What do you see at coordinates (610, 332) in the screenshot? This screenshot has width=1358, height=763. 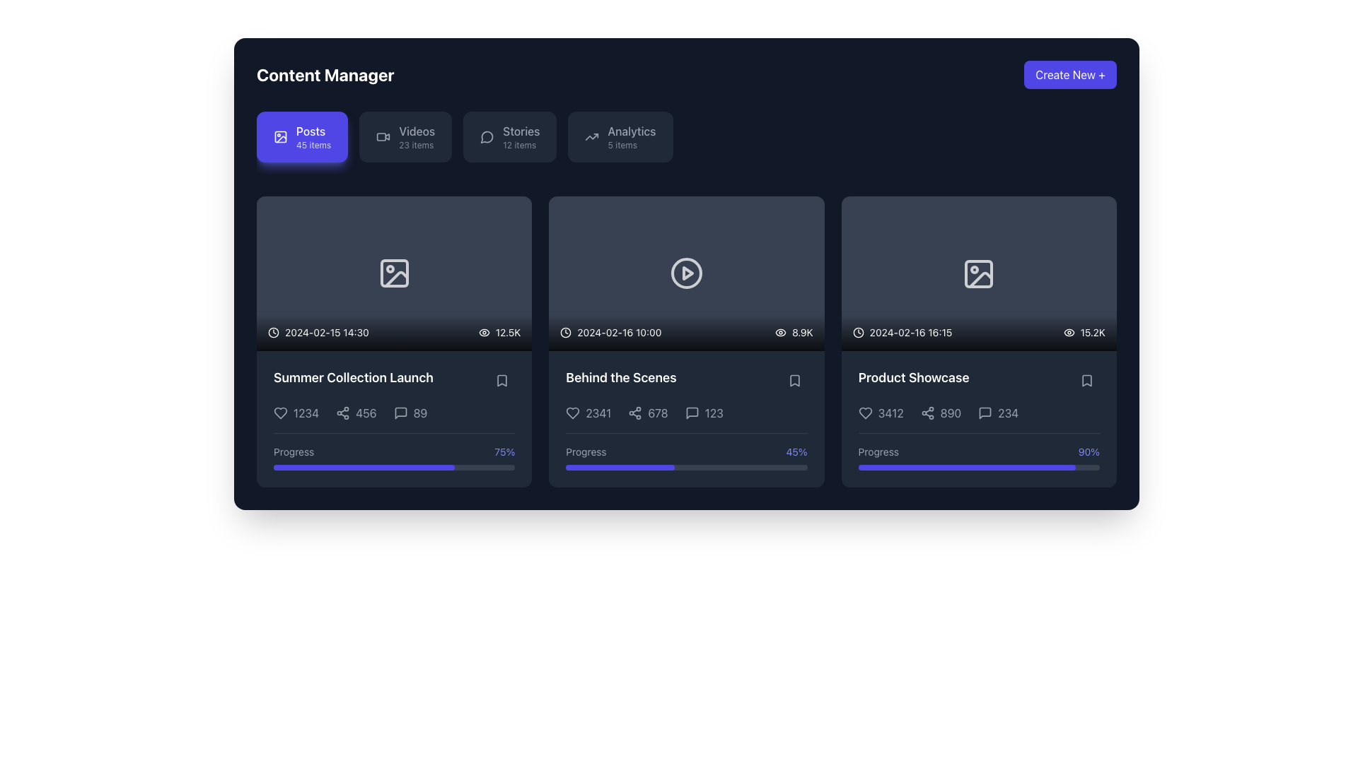 I see `the timestamp '2024-02-16 10:00' displayed in white font, which is adjacent to a clock icon` at bounding box center [610, 332].